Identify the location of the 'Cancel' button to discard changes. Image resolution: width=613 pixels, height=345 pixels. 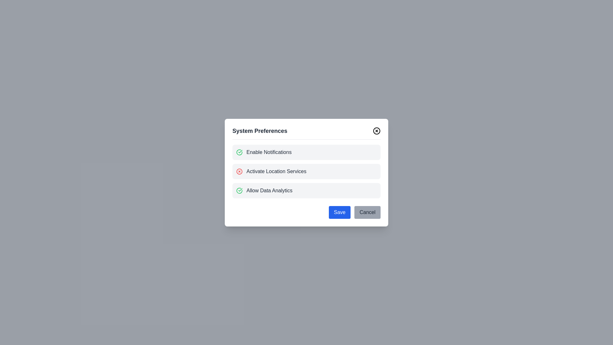
(367, 212).